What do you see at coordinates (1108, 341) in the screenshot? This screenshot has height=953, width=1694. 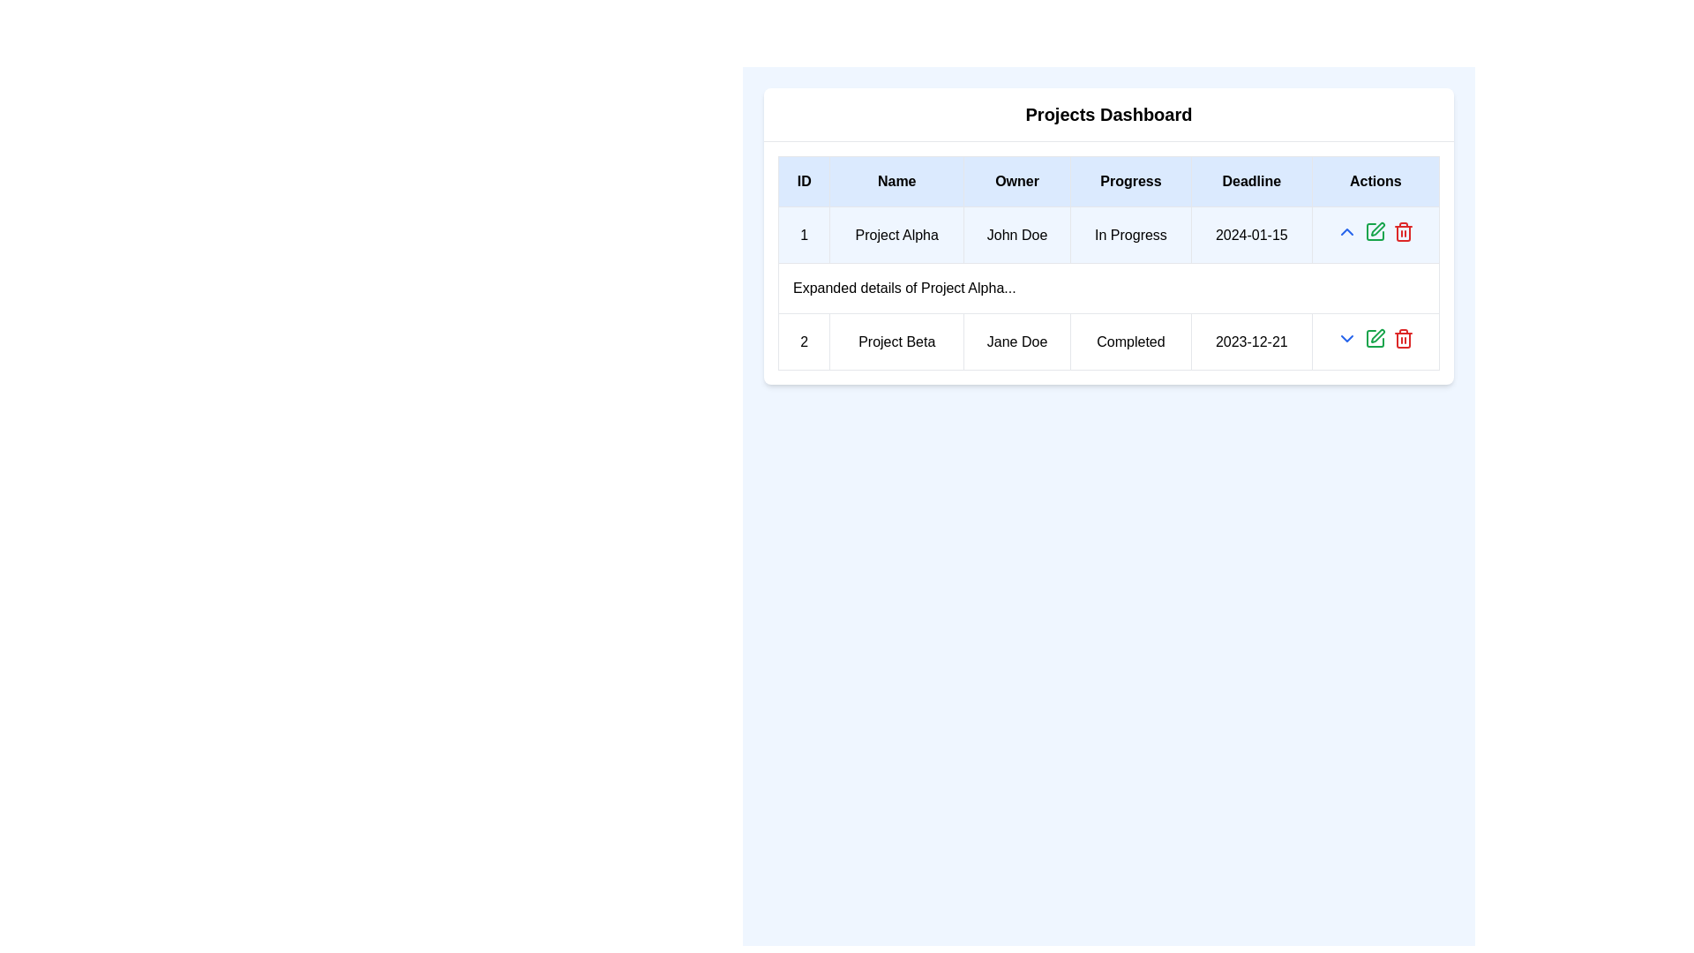 I see `the second row of the Projects Dashboard table displaying Project Beta information` at bounding box center [1108, 341].